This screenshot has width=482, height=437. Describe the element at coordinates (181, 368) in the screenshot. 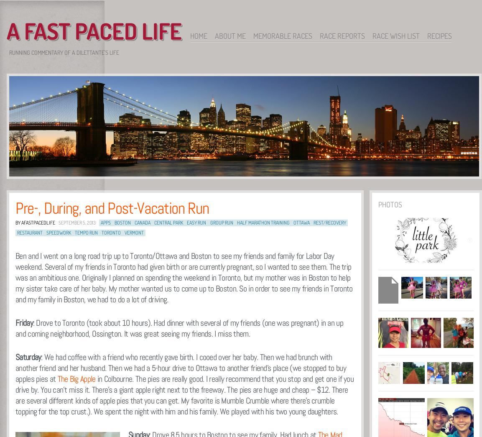

I see `': We had coffee with a friend who recently gave birth. I cooed over her baby. Then we had brunch with another friend and her husband. Then we had a 5-hour drive to Ottawa to another friend’s place (we stopped to buy apples pies at'` at that location.